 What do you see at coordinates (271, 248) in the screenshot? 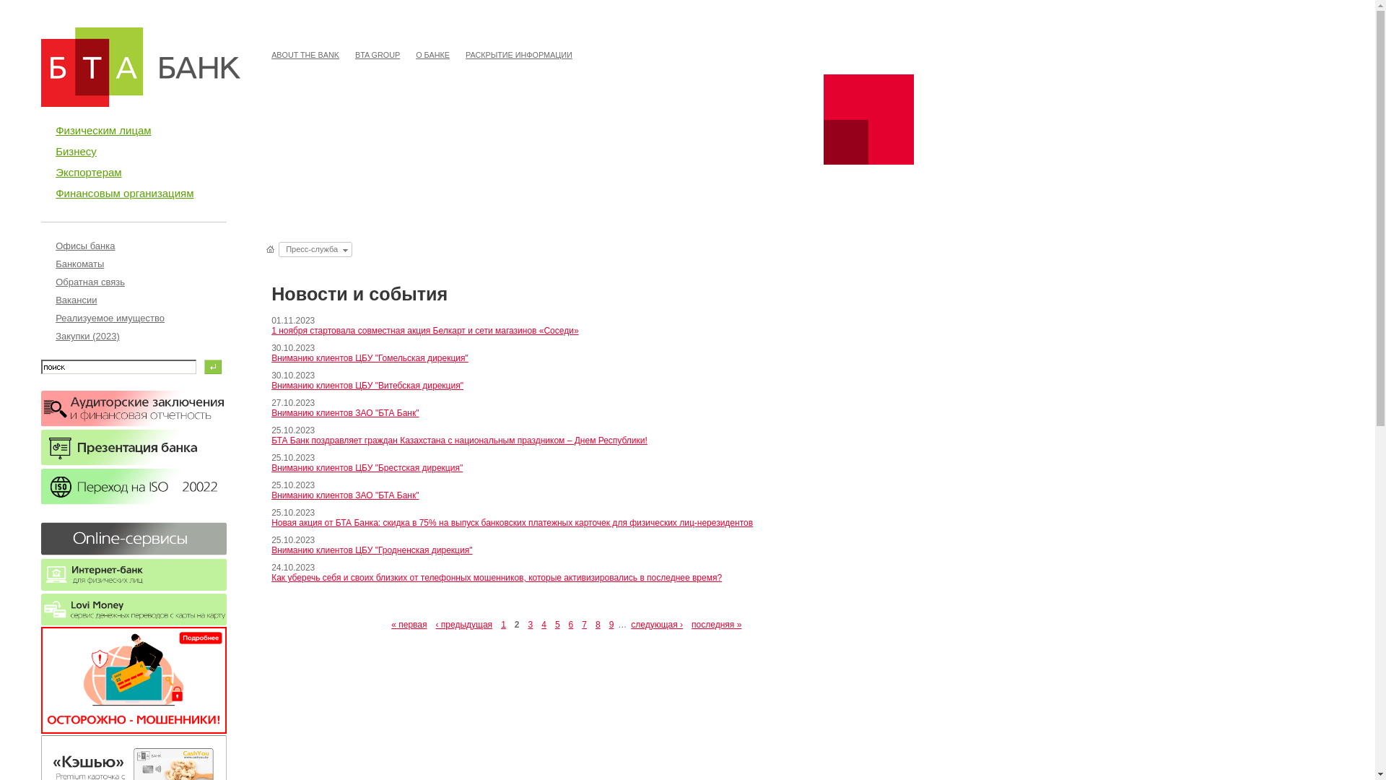
I see `' '` at bounding box center [271, 248].